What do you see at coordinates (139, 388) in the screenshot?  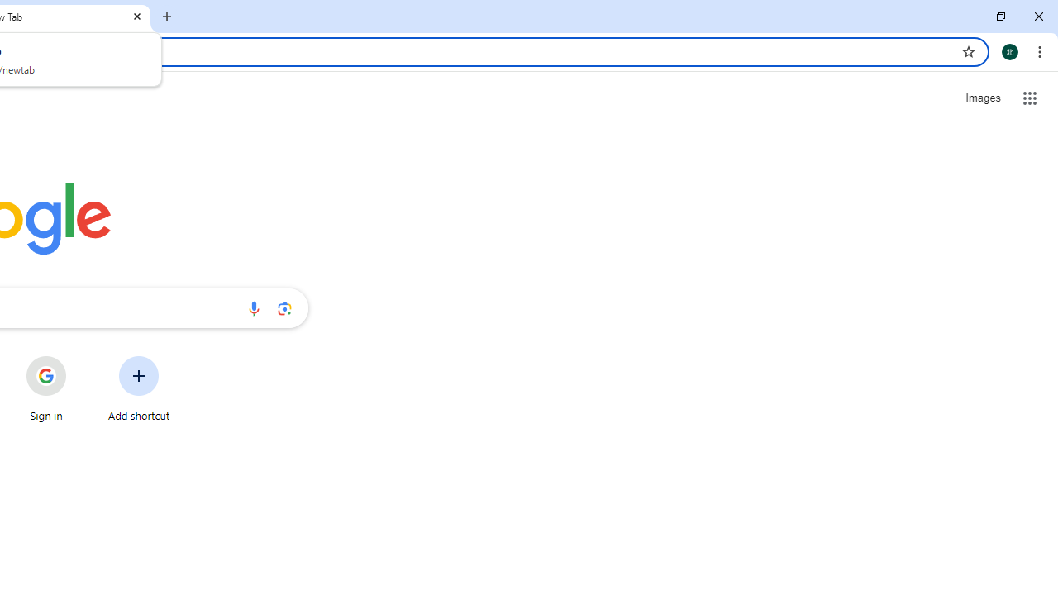 I see `'Add shortcut'` at bounding box center [139, 388].